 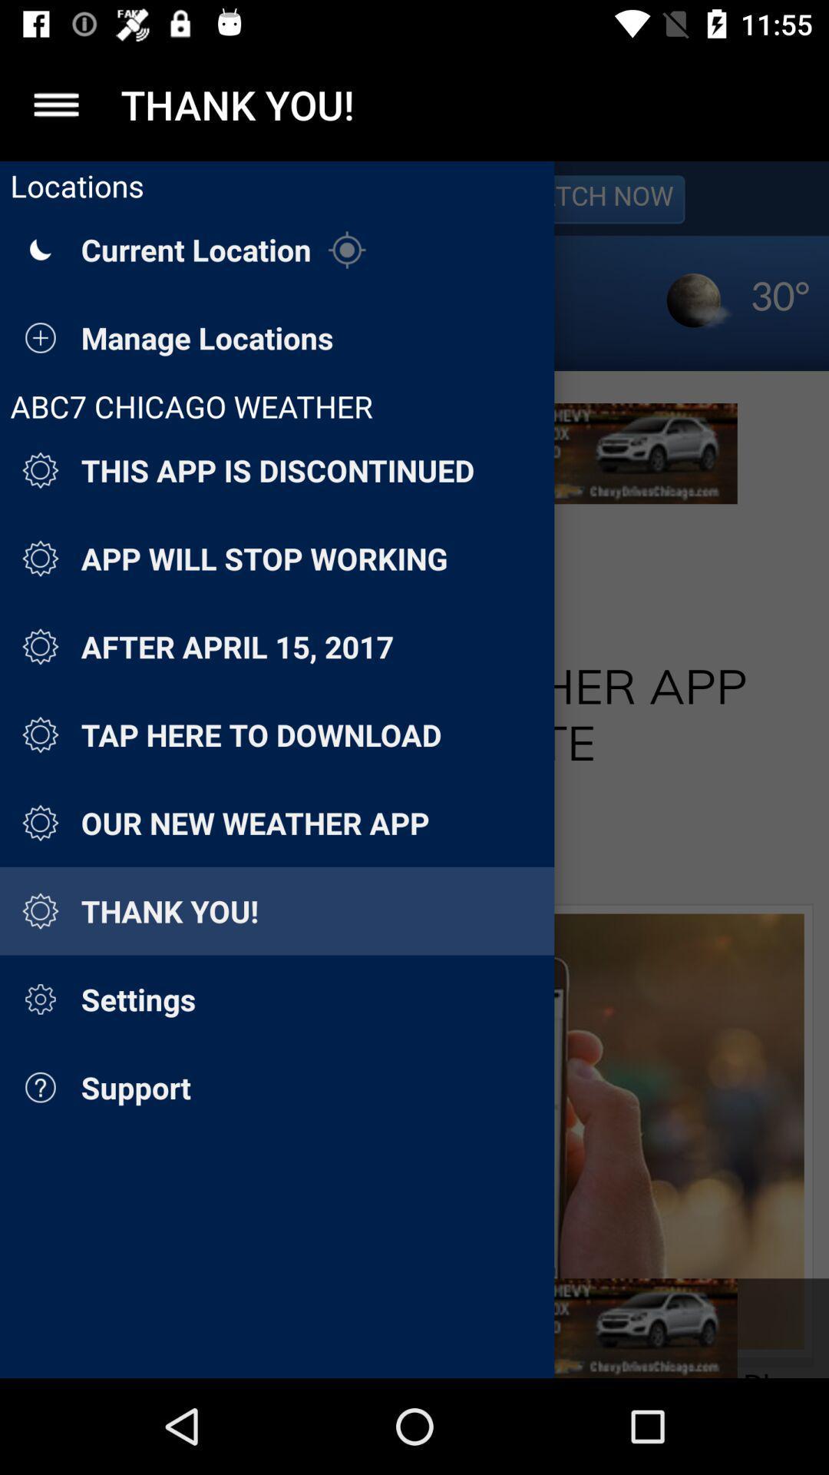 I want to click on side menu, so click(x=55, y=104).